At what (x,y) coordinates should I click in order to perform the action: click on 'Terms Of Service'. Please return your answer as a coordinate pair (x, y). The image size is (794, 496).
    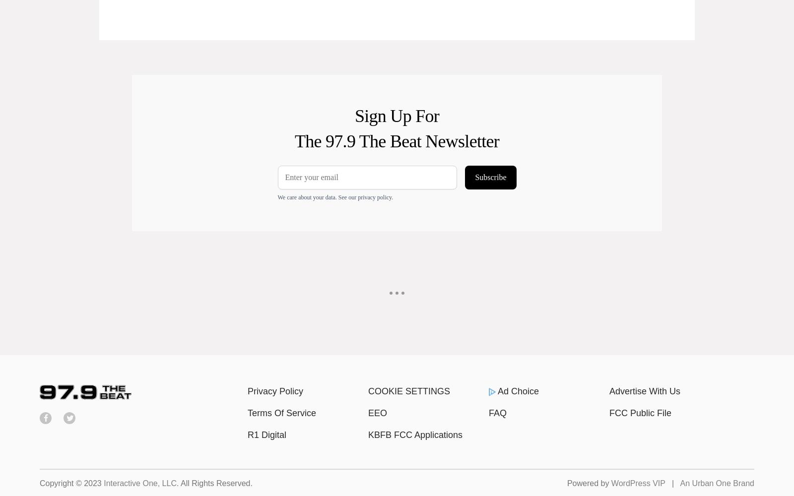
    Looking at the image, I should click on (281, 413).